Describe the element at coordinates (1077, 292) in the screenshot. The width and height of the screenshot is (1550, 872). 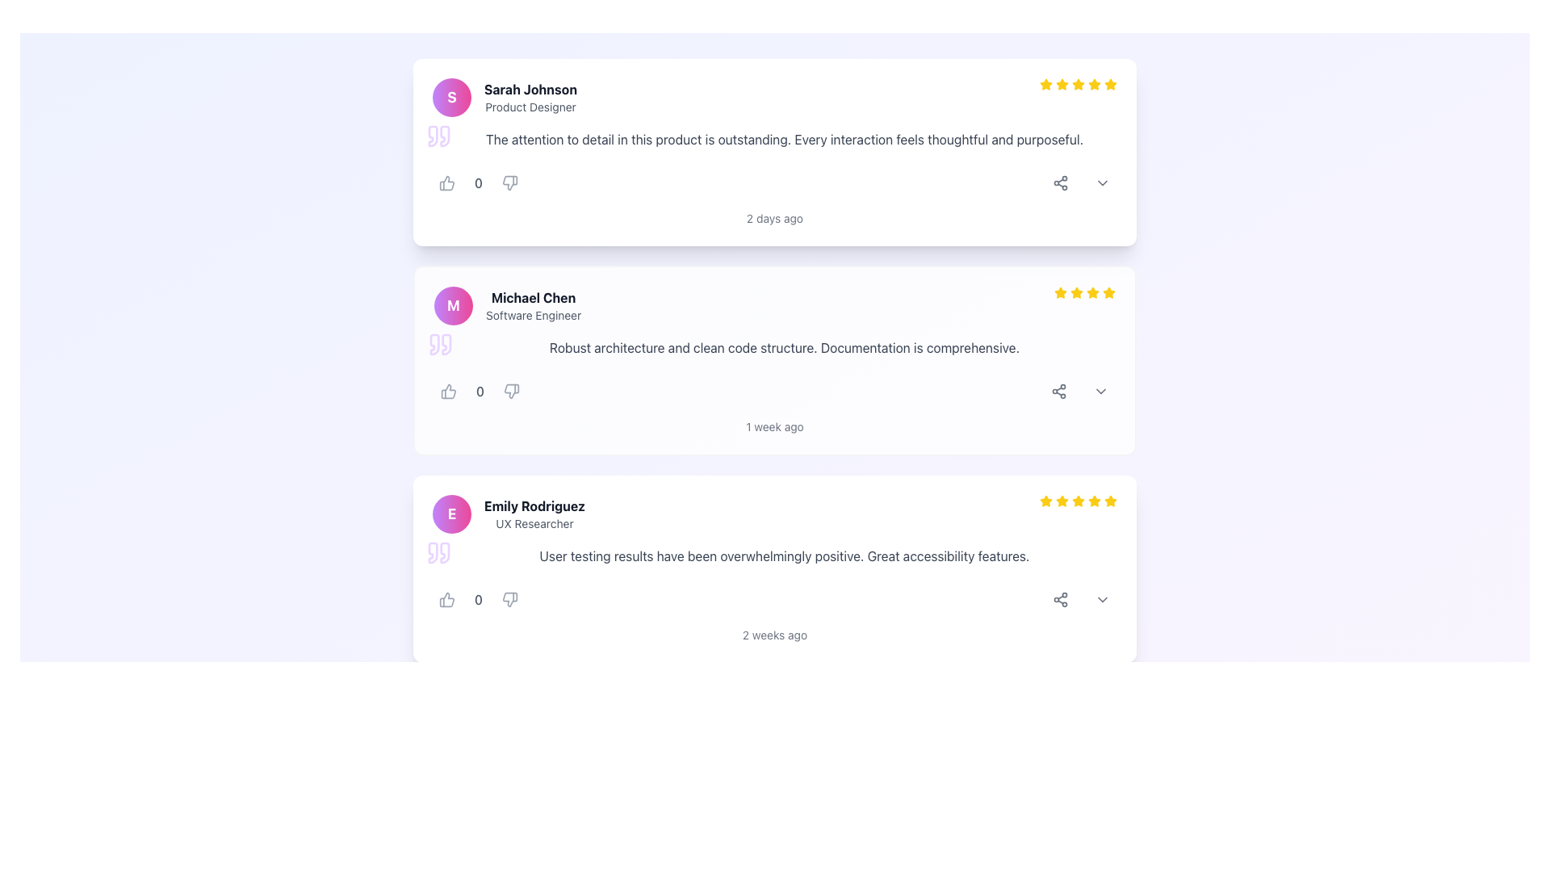
I see `the third yellow star icon in the 5-star rating system located under the review by 'Michael Chen'` at that location.